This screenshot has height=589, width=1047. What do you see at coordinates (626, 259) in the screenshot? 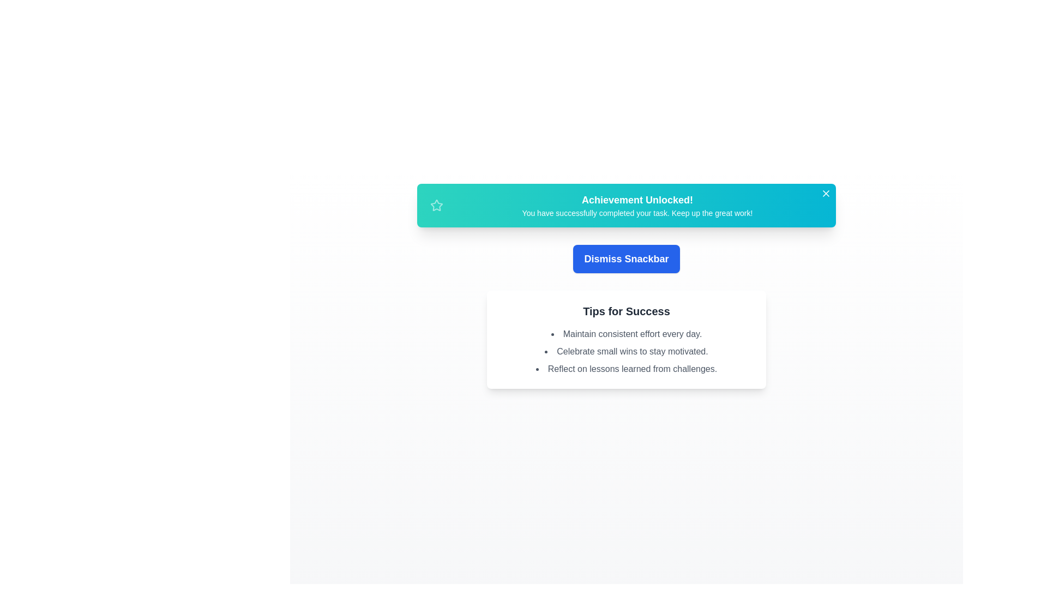
I see `the 'Dismiss Snackbar' button` at bounding box center [626, 259].